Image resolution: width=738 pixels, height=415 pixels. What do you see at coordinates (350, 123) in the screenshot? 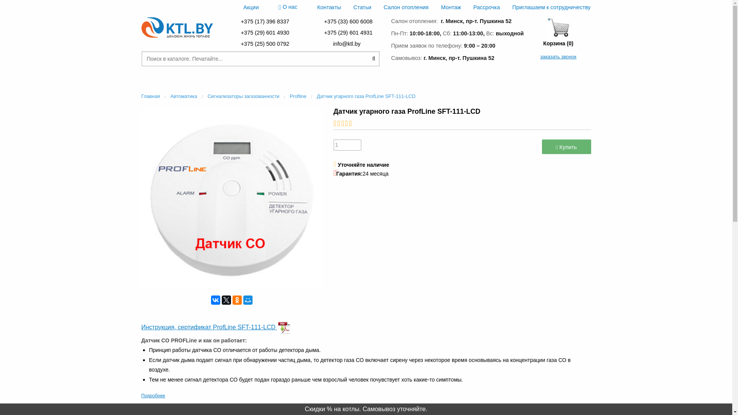
I see `'Not rated yet!'` at bounding box center [350, 123].